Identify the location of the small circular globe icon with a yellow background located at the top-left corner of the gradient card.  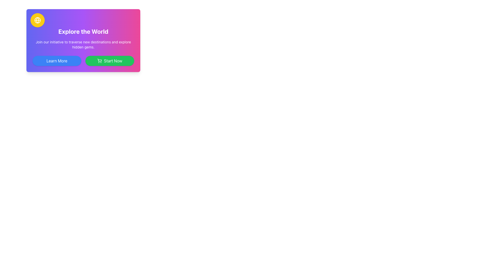
(37, 20).